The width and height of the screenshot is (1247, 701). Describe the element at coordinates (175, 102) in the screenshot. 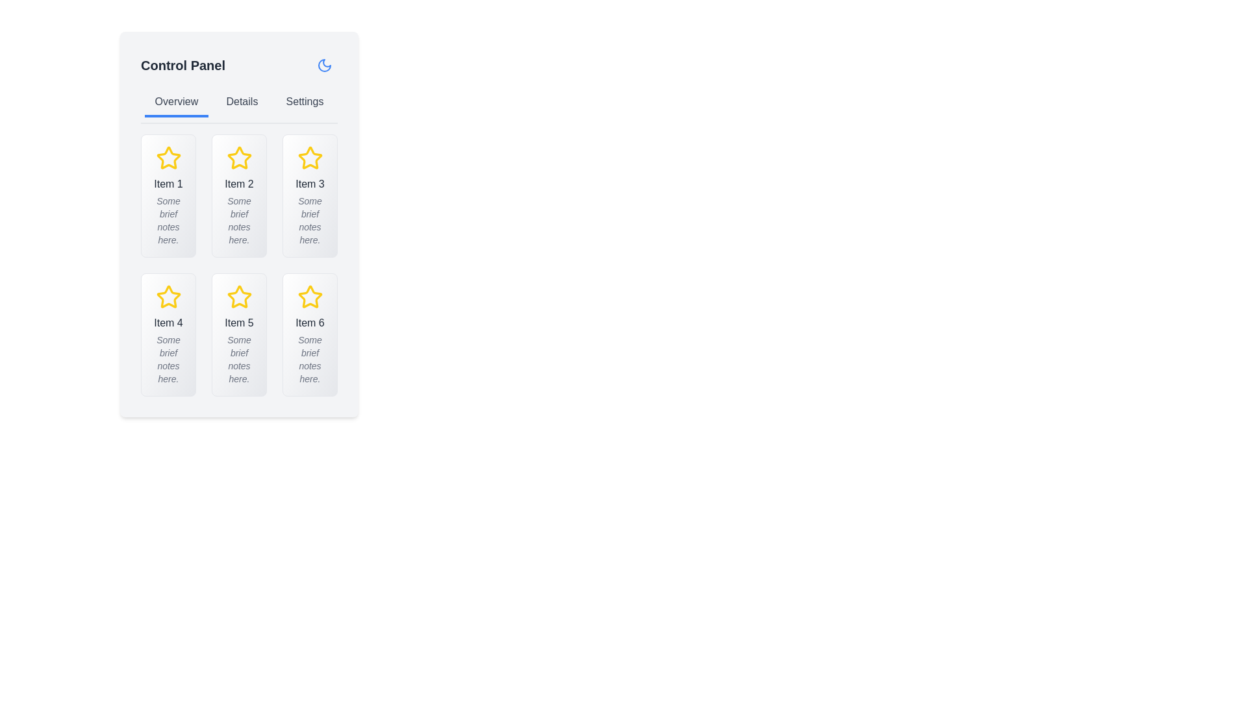

I see `the 'Overview' tab in the navigation bar` at that location.